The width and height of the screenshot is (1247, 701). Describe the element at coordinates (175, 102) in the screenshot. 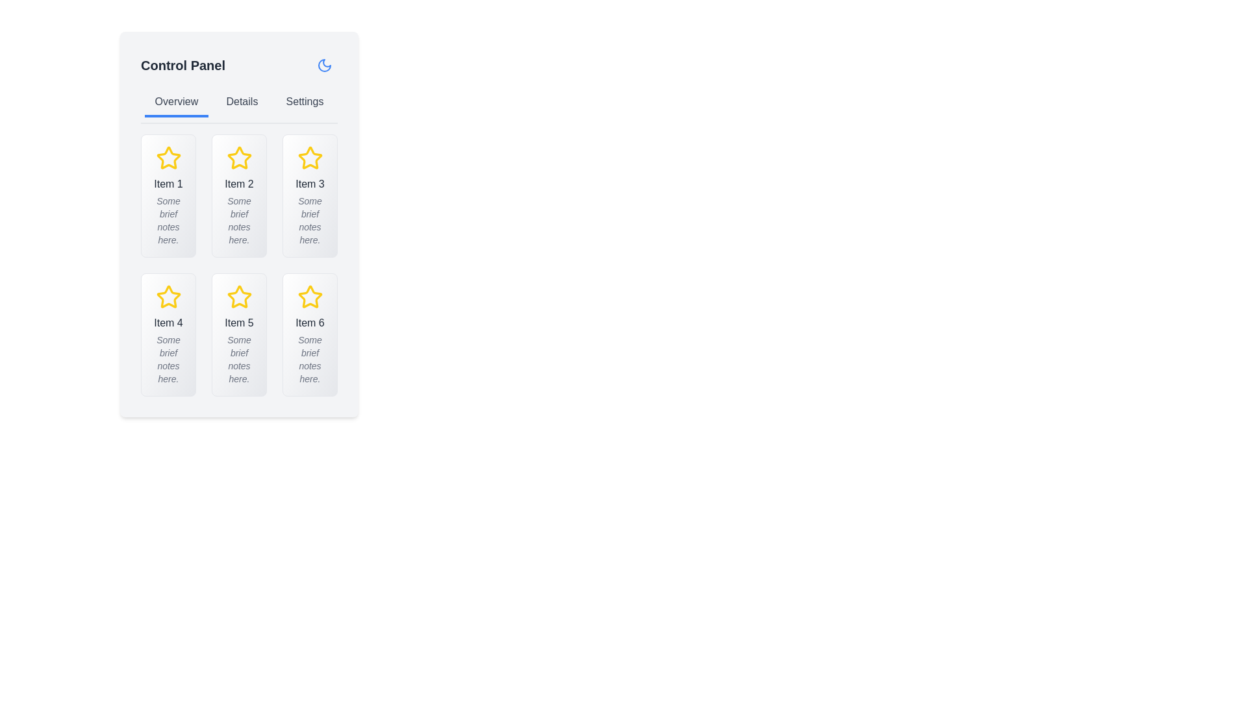

I see `the 'Overview' tab in the navigation bar` at that location.